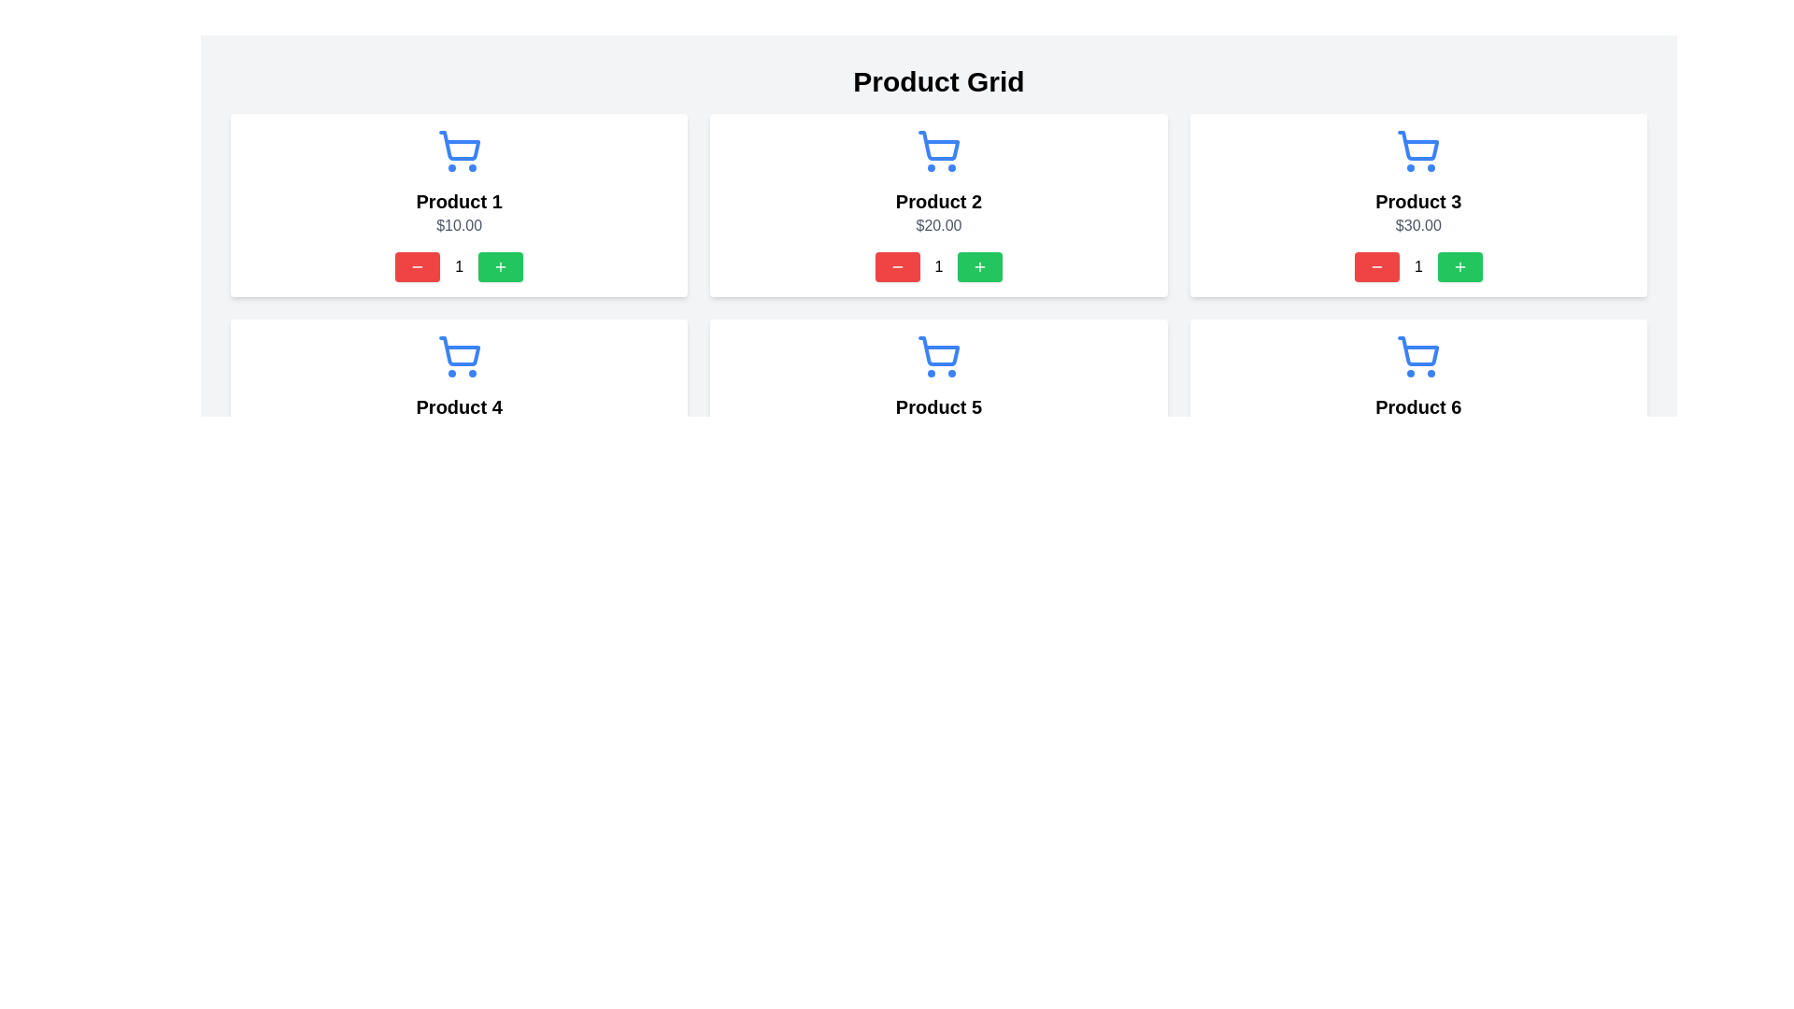 This screenshot has width=1794, height=1009. I want to click on the red rectangular button with a white minus icon located in the first row and first column of the product grid under 'Product 1' to change its color, so click(417, 266).